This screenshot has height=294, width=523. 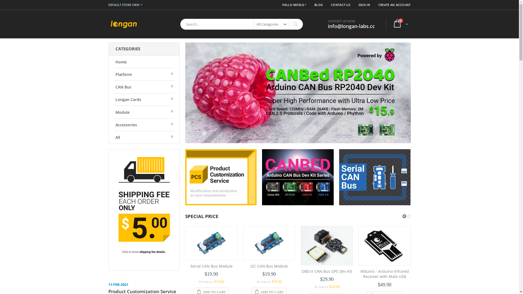 I want to click on 'Cart, so click(x=393, y=24).